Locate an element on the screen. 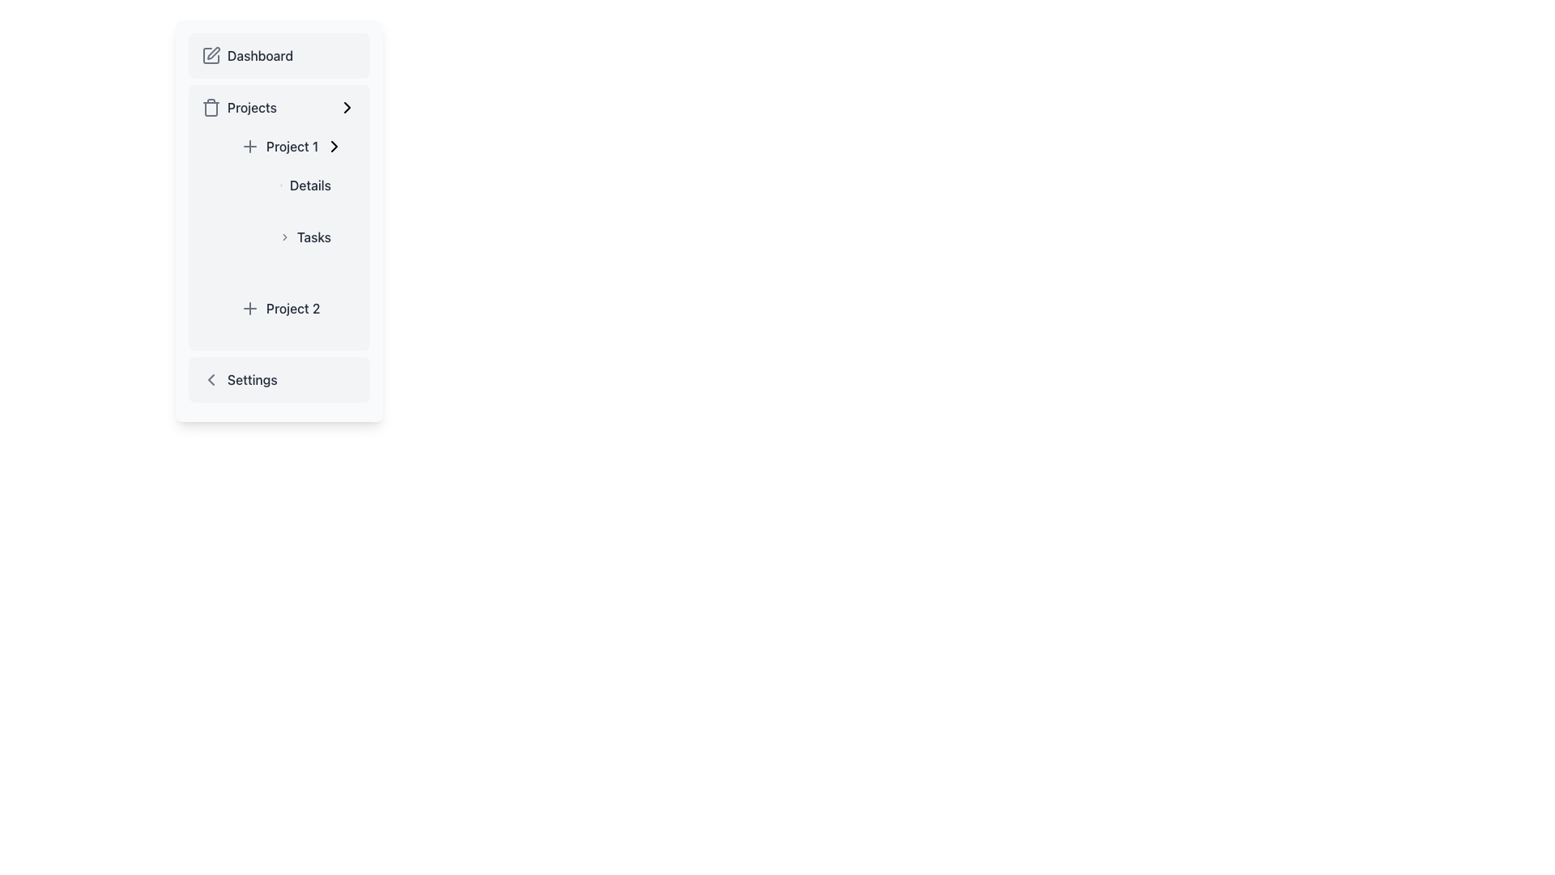  the navigation button located at the bottom of the vertical navigation panel, which leads to the settings page or menu is located at coordinates (279, 380).